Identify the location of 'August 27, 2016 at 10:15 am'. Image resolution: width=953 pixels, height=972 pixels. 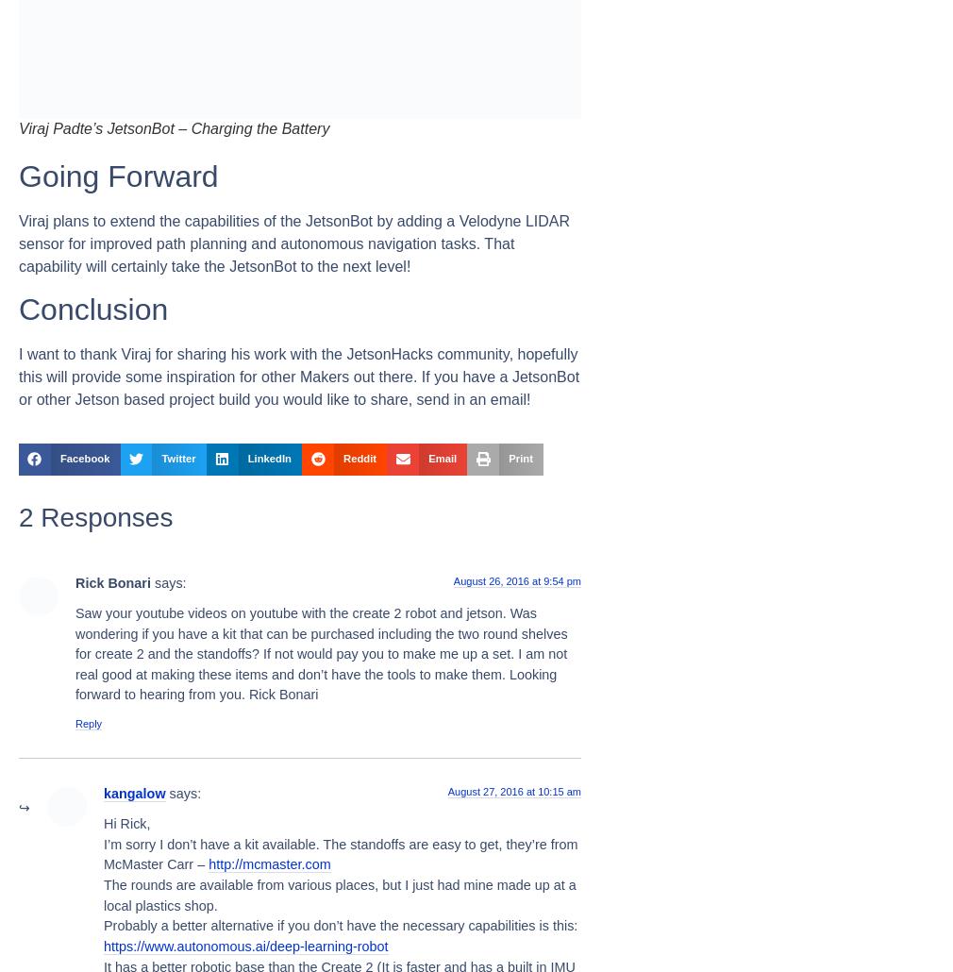
(512, 791).